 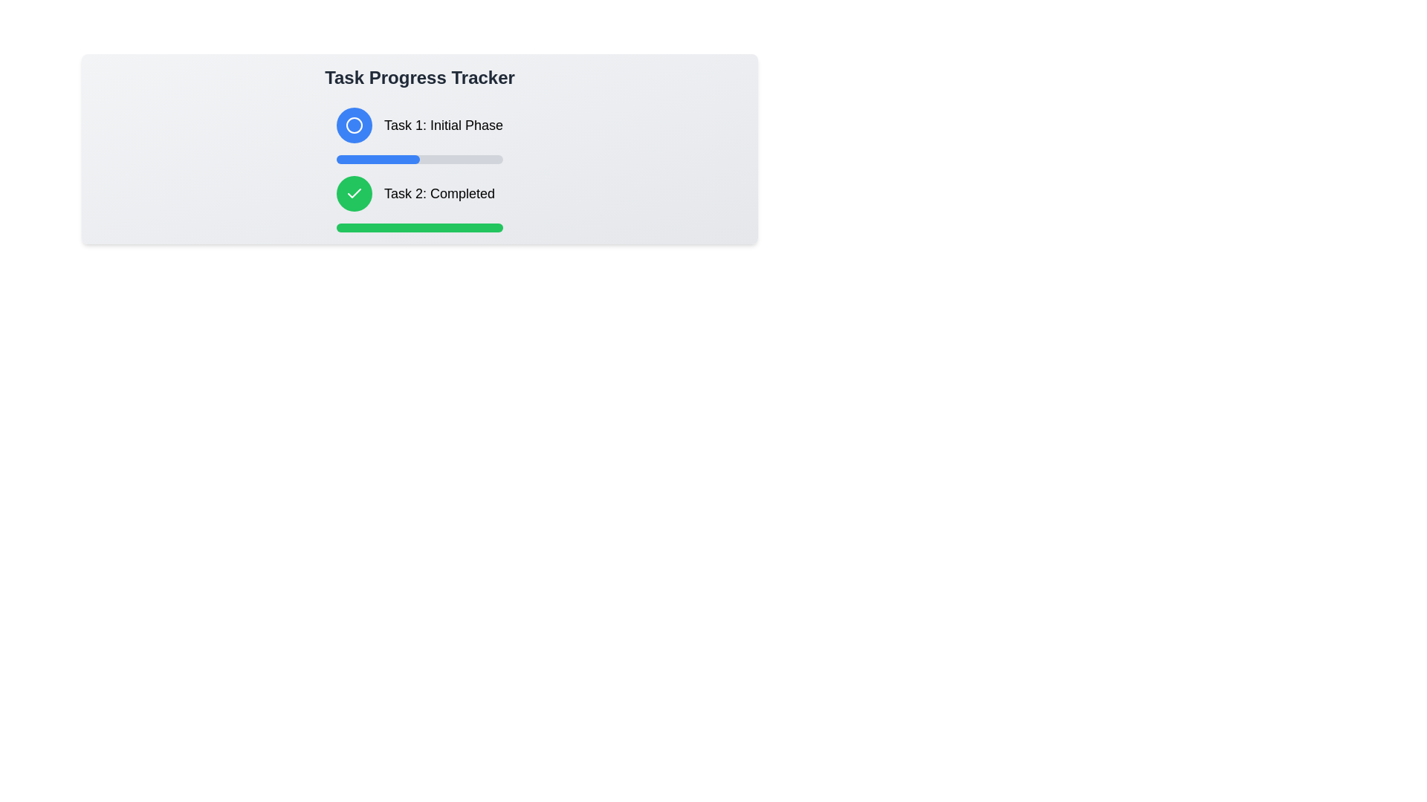 I want to click on the appearance of the SVG icon that serves as a visual indicator within the tracker, located next to the text 'Task 1: Initial Phase' on a blue circular background, so click(x=353, y=125).